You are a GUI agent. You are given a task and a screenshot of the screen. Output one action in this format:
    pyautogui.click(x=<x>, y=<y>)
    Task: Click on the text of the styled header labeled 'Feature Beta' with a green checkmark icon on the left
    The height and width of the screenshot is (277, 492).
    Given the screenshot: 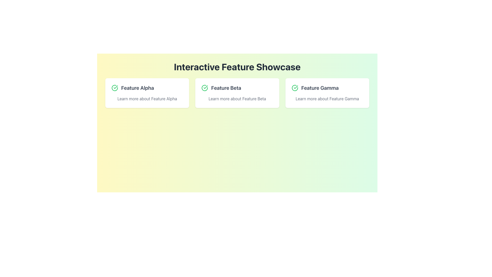 What is the action you would take?
    pyautogui.click(x=237, y=88)
    